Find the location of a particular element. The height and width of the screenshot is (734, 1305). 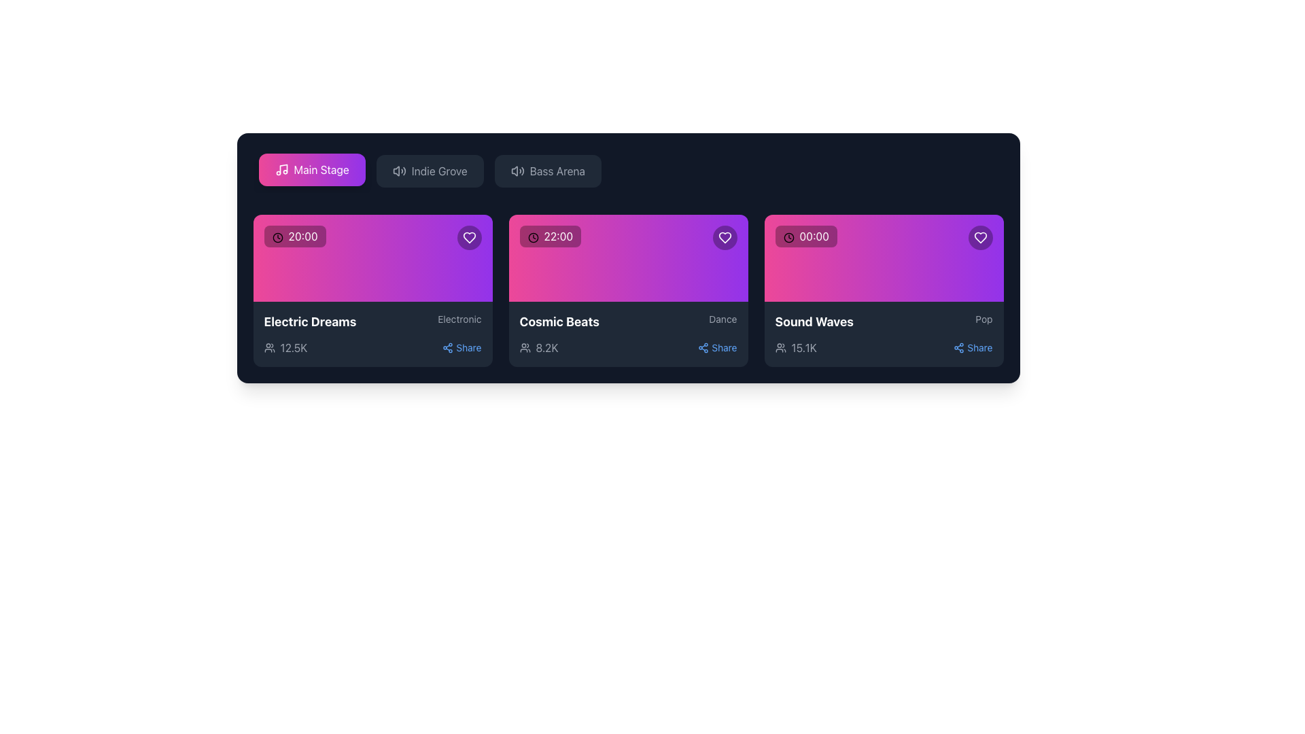

the 'Main Stage' button is located at coordinates (311, 169).